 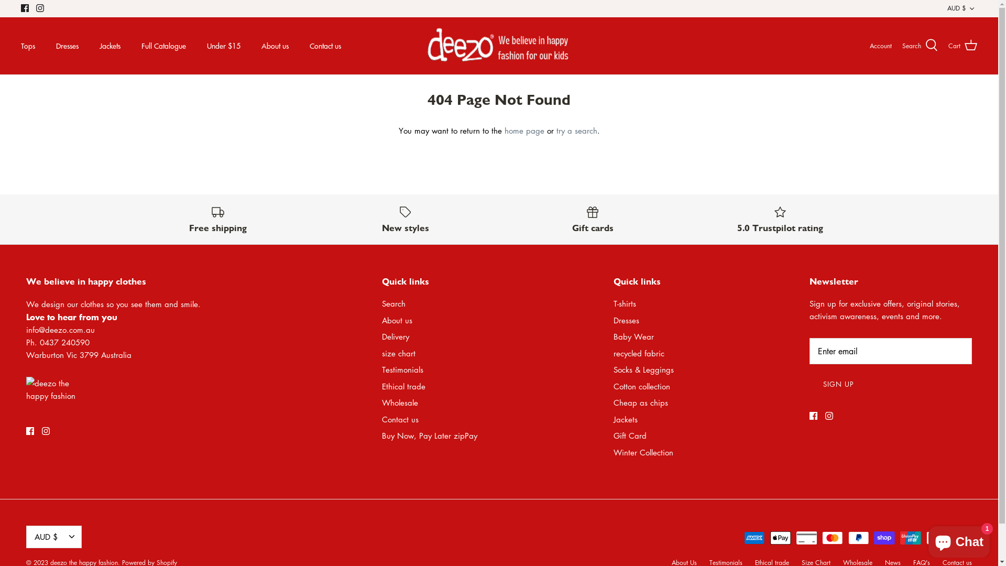 What do you see at coordinates (838, 384) in the screenshot?
I see `'SIGN UP'` at bounding box center [838, 384].